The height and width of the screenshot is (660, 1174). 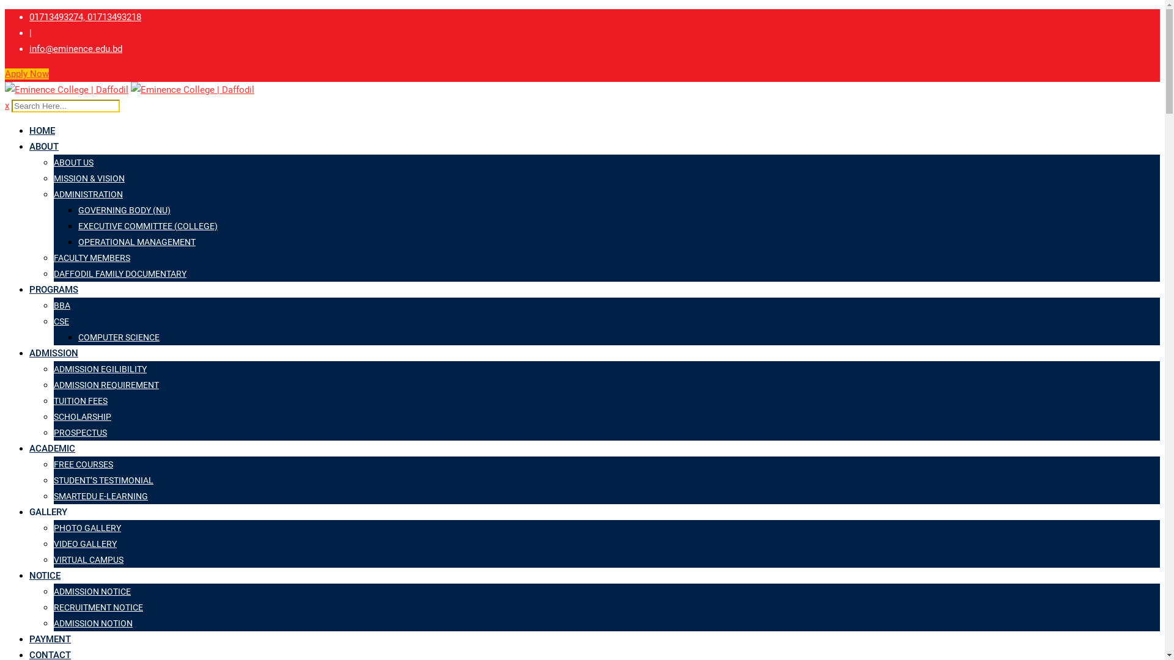 What do you see at coordinates (53, 353) in the screenshot?
I see `'ADMISSION'` at bounding box center [53, 353].